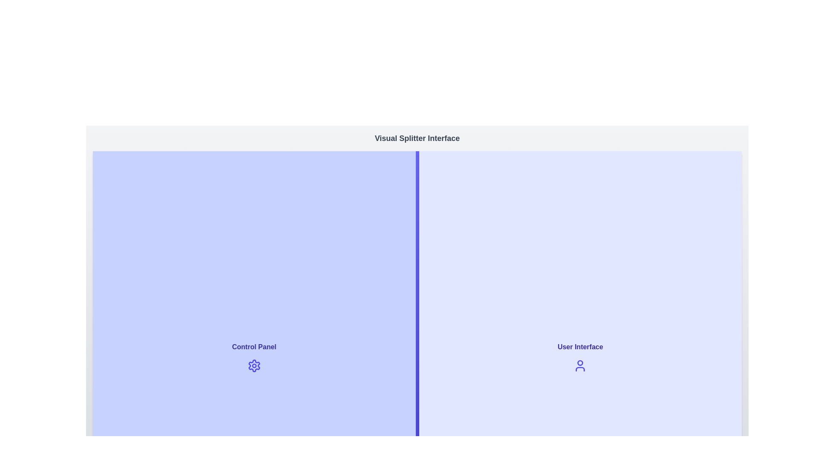  What do you see at coordinates (253, 347) in the screenshot?
I see `the text label displaying 'Control Panel', which is styled in bold dark indigo and located in the left section of a split-panel layout` at bounding box center [253, 347].